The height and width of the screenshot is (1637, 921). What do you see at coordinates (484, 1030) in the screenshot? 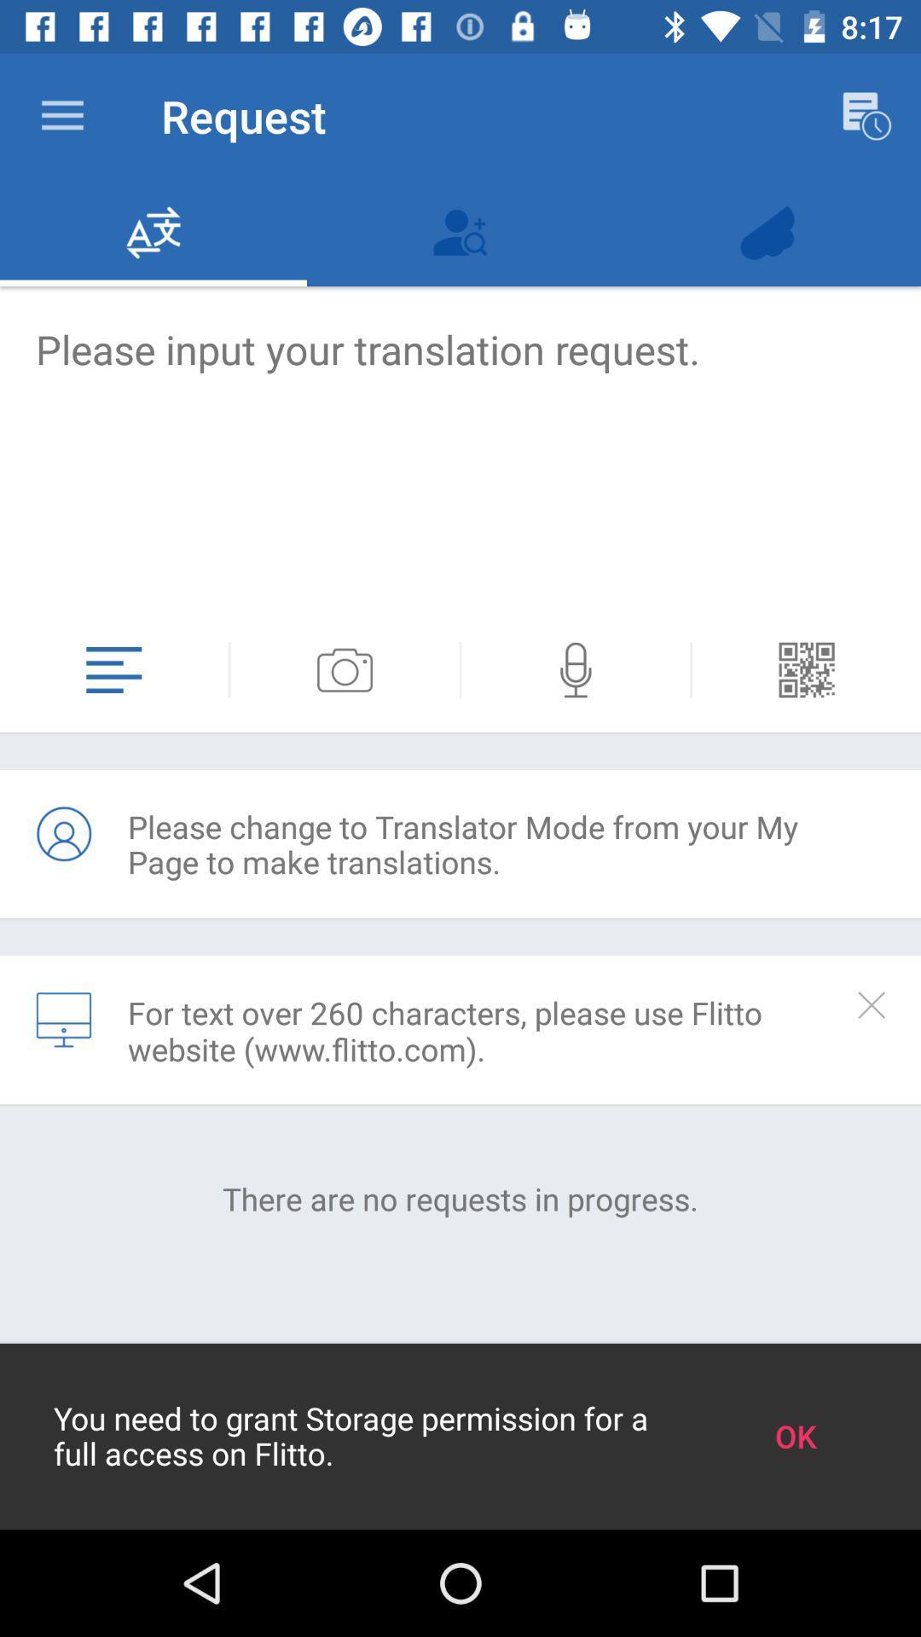
I see `icon above the there are no icon` at bounding box center [484, 1030].